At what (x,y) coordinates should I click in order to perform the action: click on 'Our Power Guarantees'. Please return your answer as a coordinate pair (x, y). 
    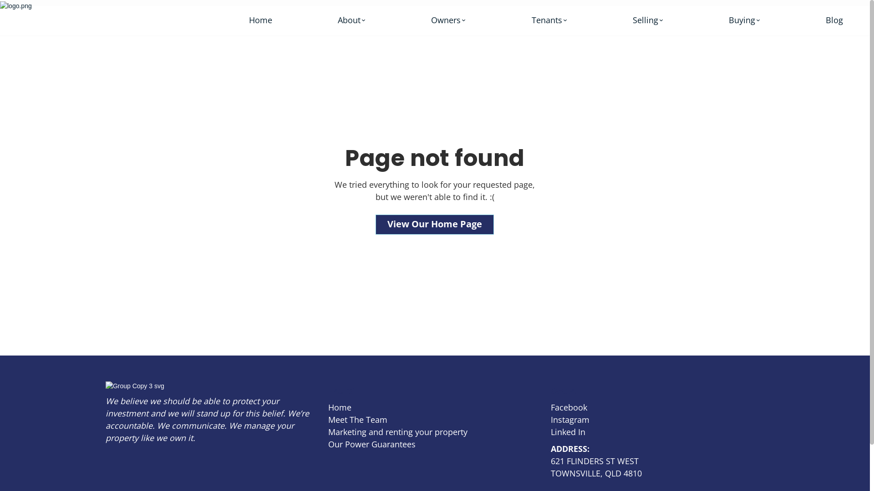
    Looking at the image, I should click on (371, 444).